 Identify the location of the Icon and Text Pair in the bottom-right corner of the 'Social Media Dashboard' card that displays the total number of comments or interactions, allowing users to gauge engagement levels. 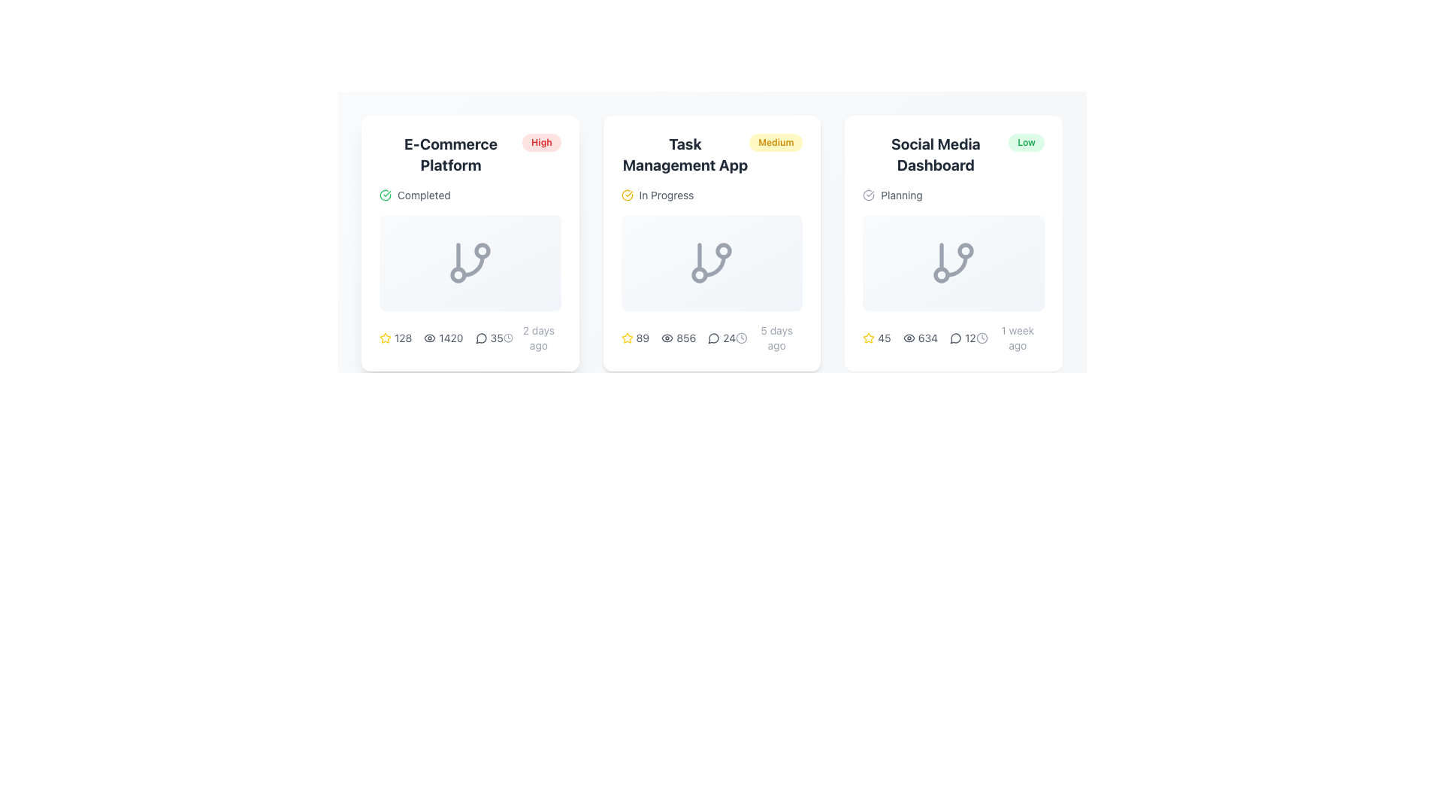
(963, 338).